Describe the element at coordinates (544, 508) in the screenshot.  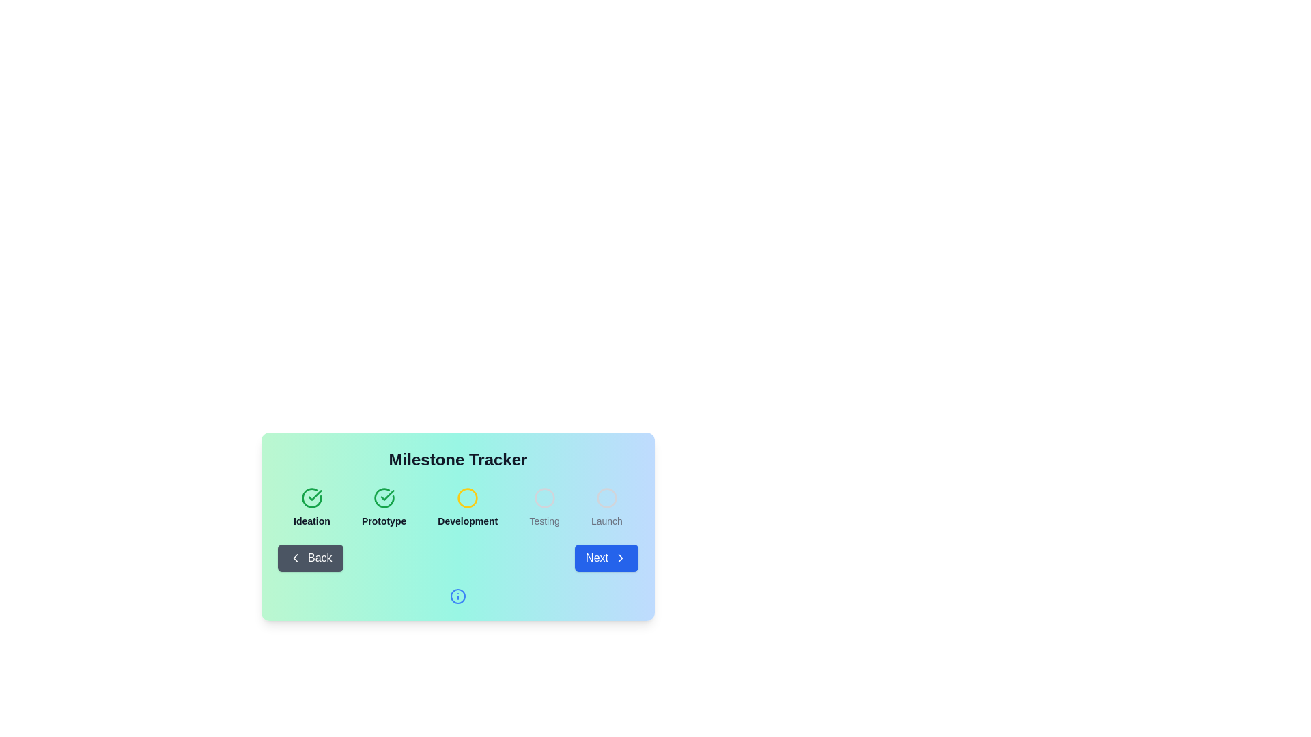
I see `the status of the Milestone indicator representing the 'Testing' stage, which is the fourth milestone in the sequence of stages` at that location.